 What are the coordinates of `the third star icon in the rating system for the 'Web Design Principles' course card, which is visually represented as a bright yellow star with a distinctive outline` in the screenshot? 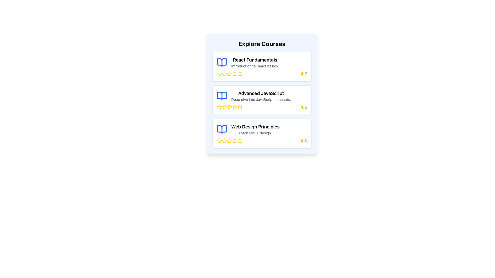 It's located at (235, 141).